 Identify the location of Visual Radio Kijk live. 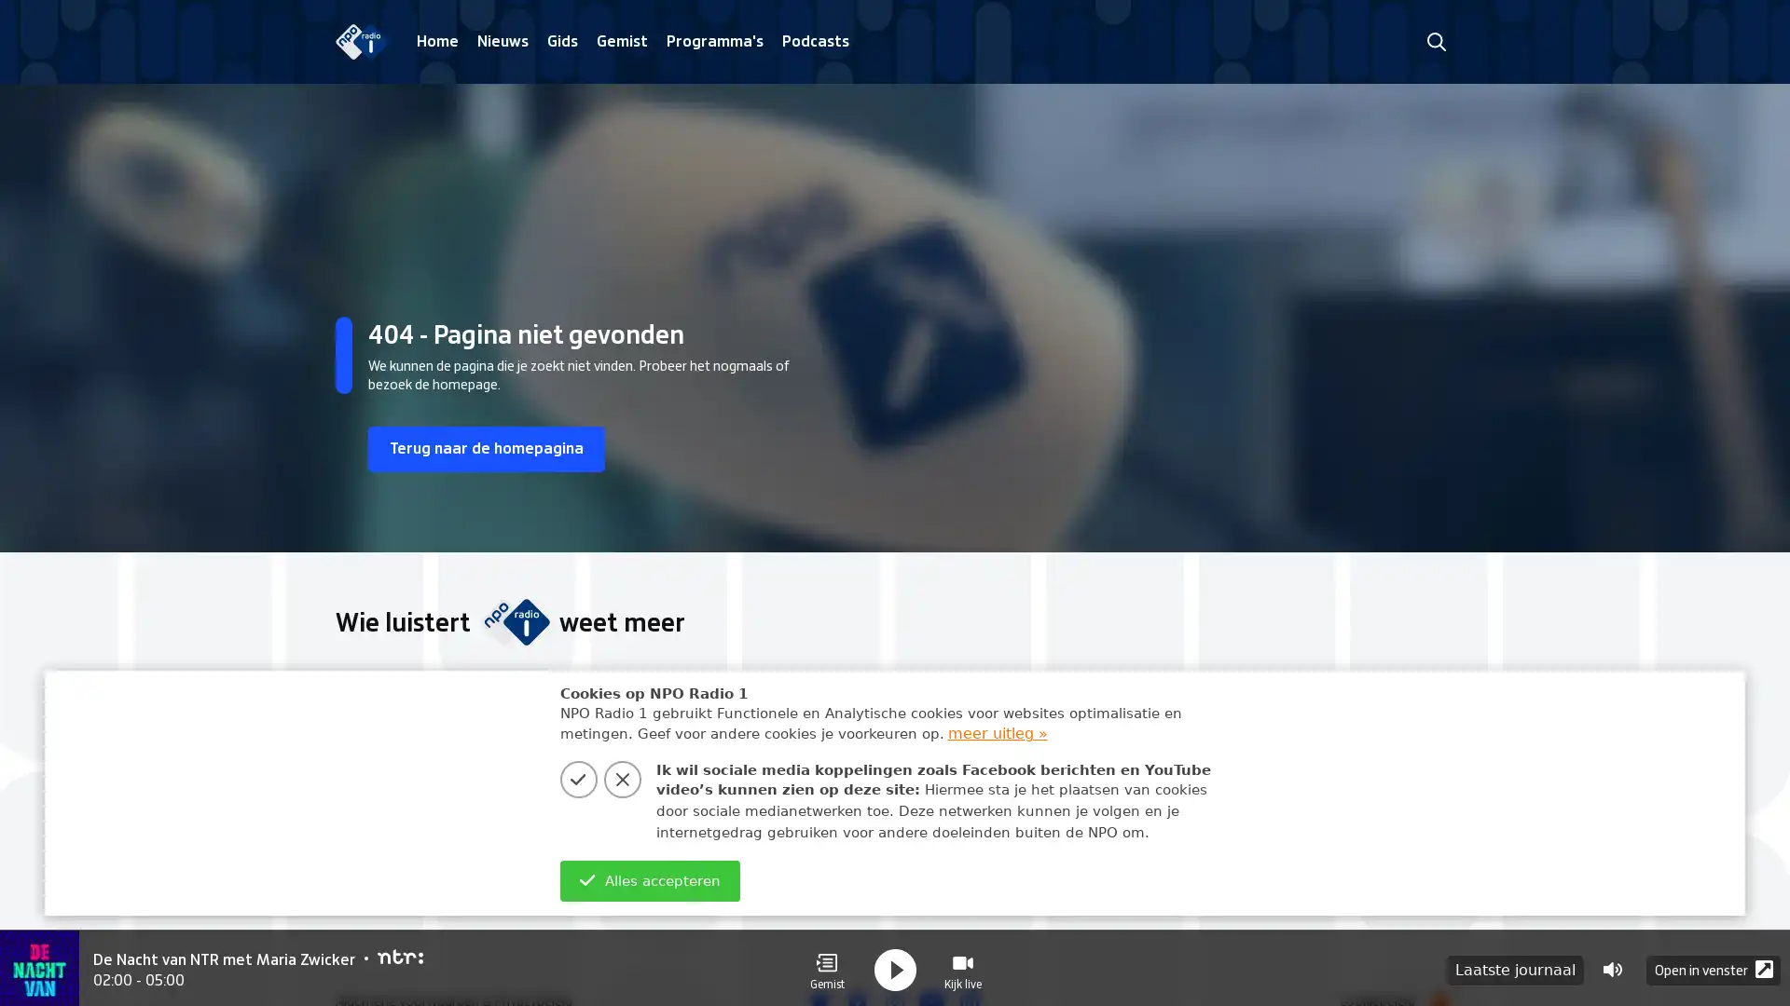
(962, 965).